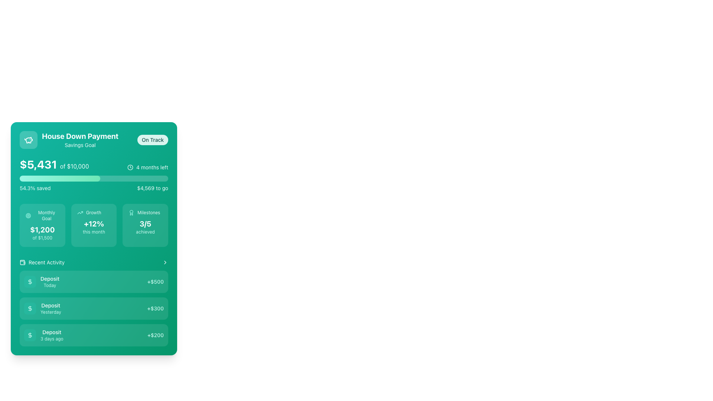  I want to click on the Text Label displaying '+$300' in teal color, located in the 'Recent Activity' section, second entry, aligned to the right of 'Deposit Yesterday', so click(155, 308).